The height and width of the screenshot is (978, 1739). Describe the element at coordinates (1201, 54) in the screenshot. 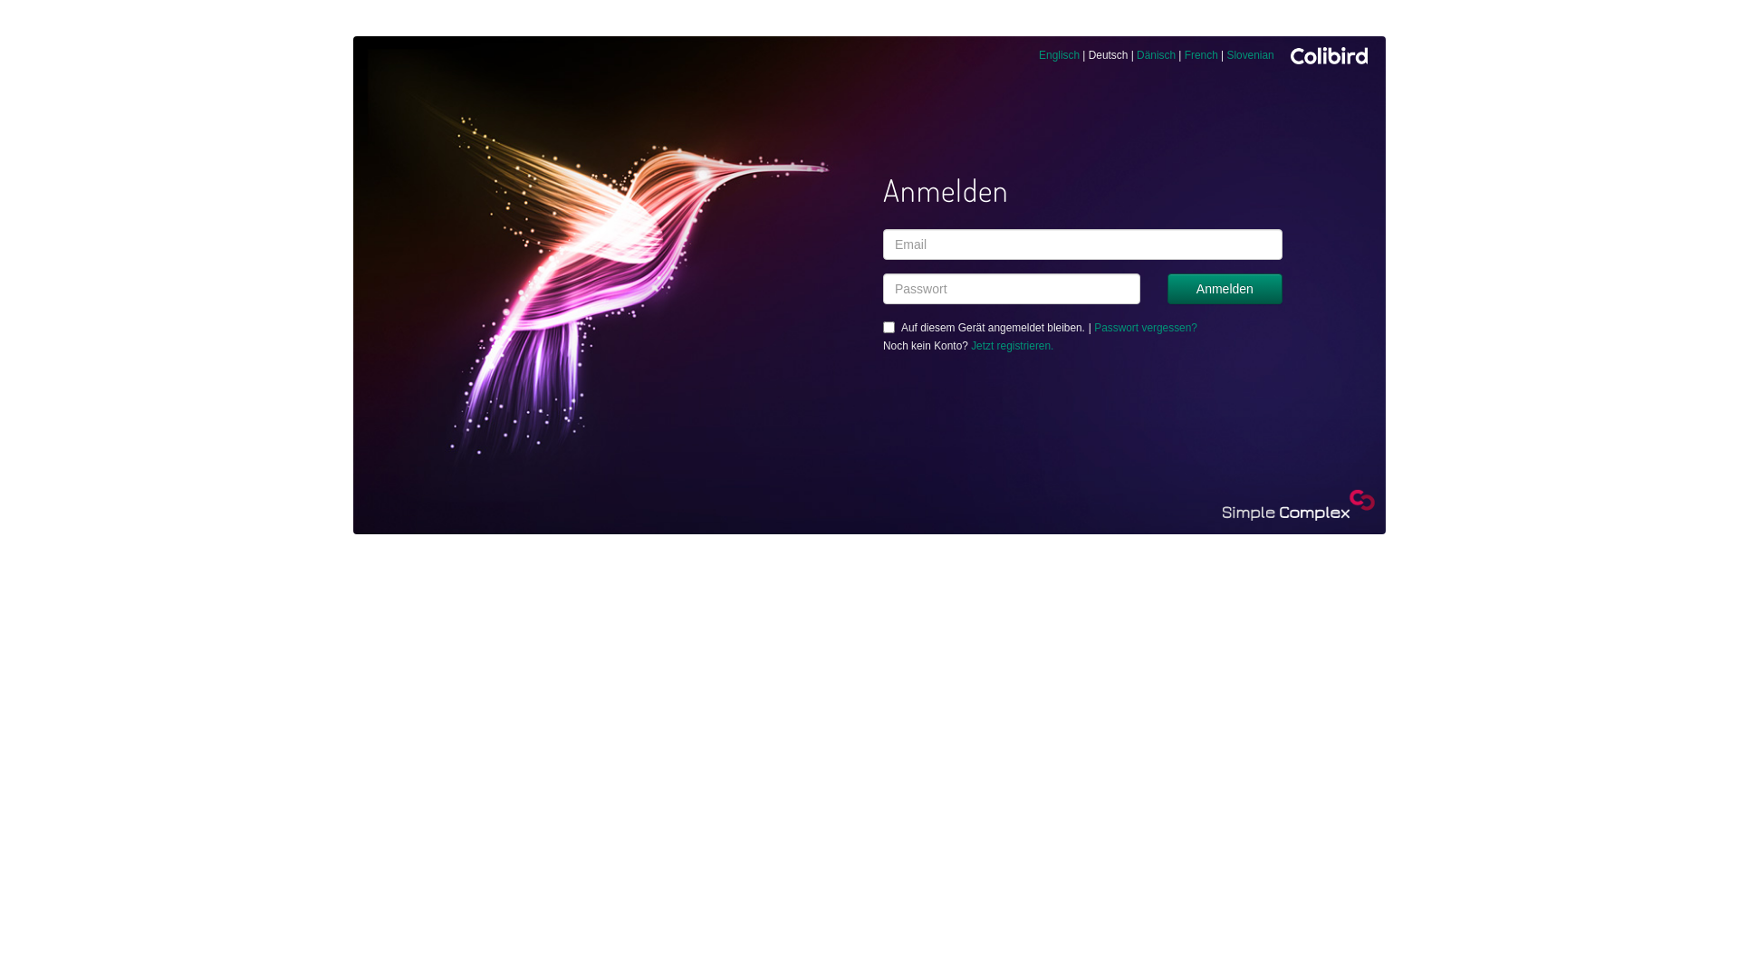

I see `'French'` at that location.